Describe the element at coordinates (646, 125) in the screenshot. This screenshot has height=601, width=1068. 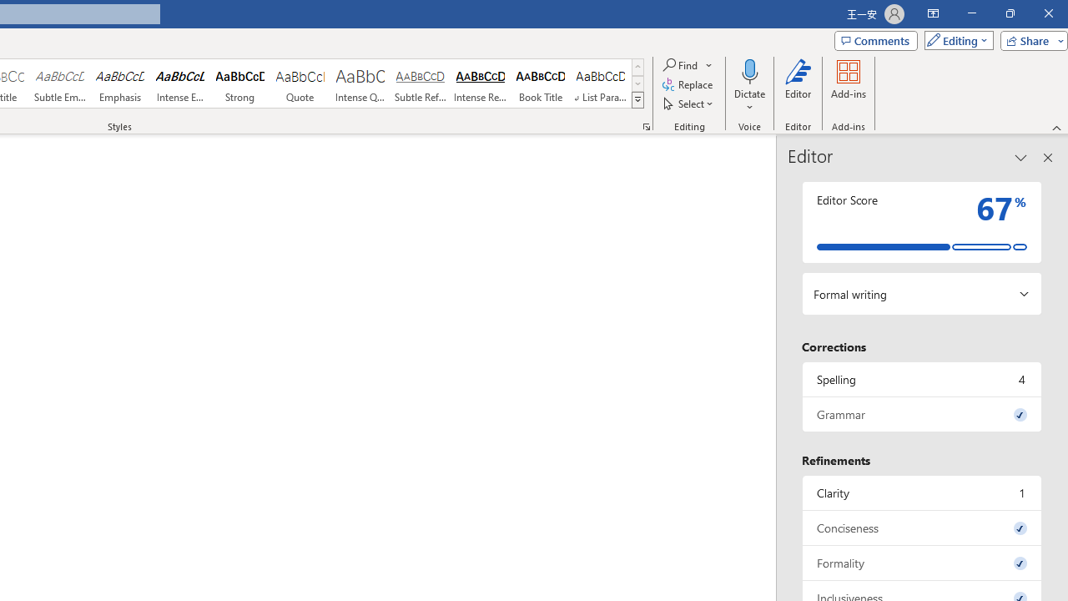
I see `'Styles...'` at that location.